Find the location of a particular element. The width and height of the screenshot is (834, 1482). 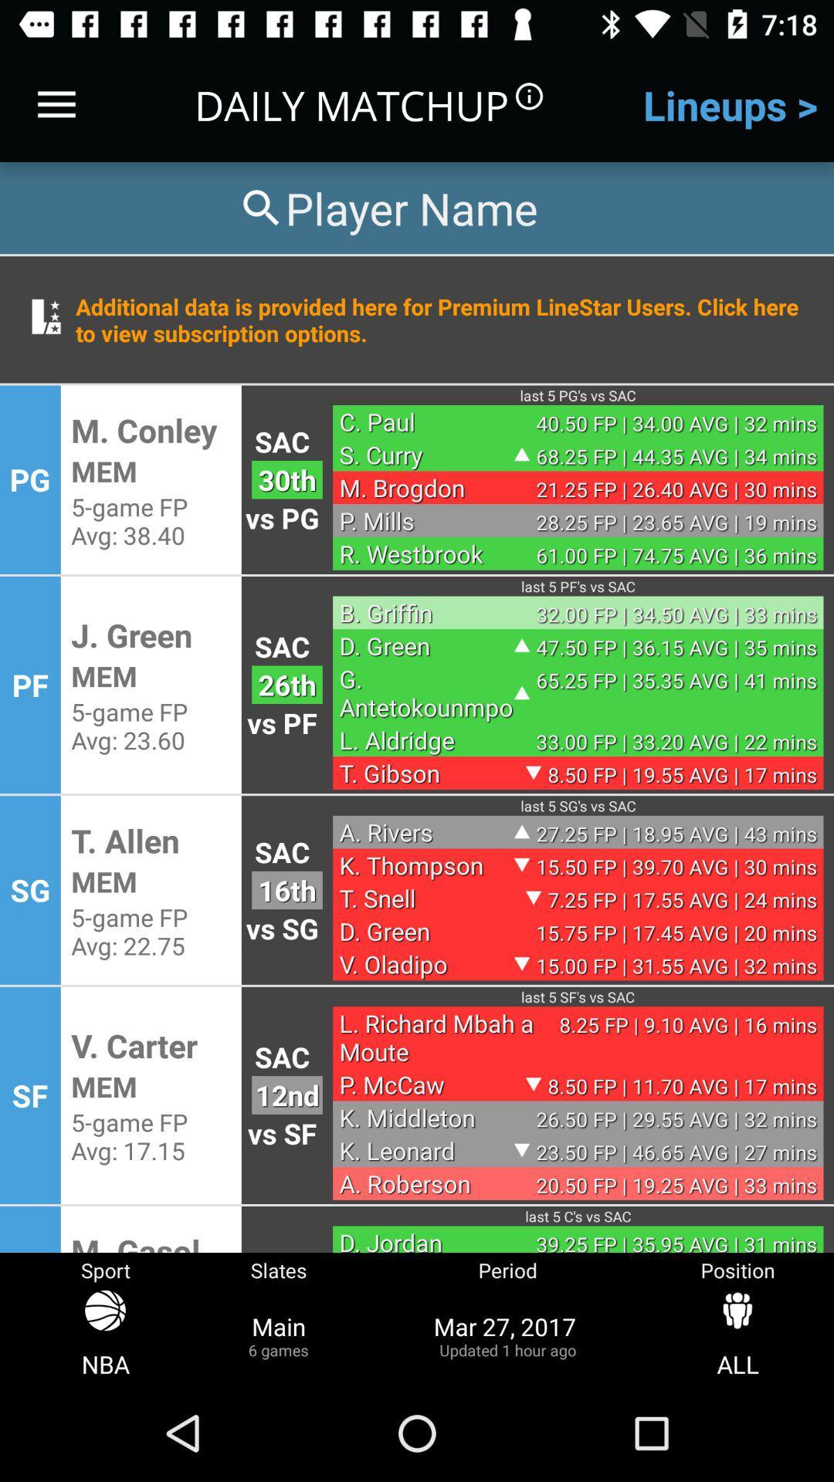

26th icon is located at coordinates (286, 684).